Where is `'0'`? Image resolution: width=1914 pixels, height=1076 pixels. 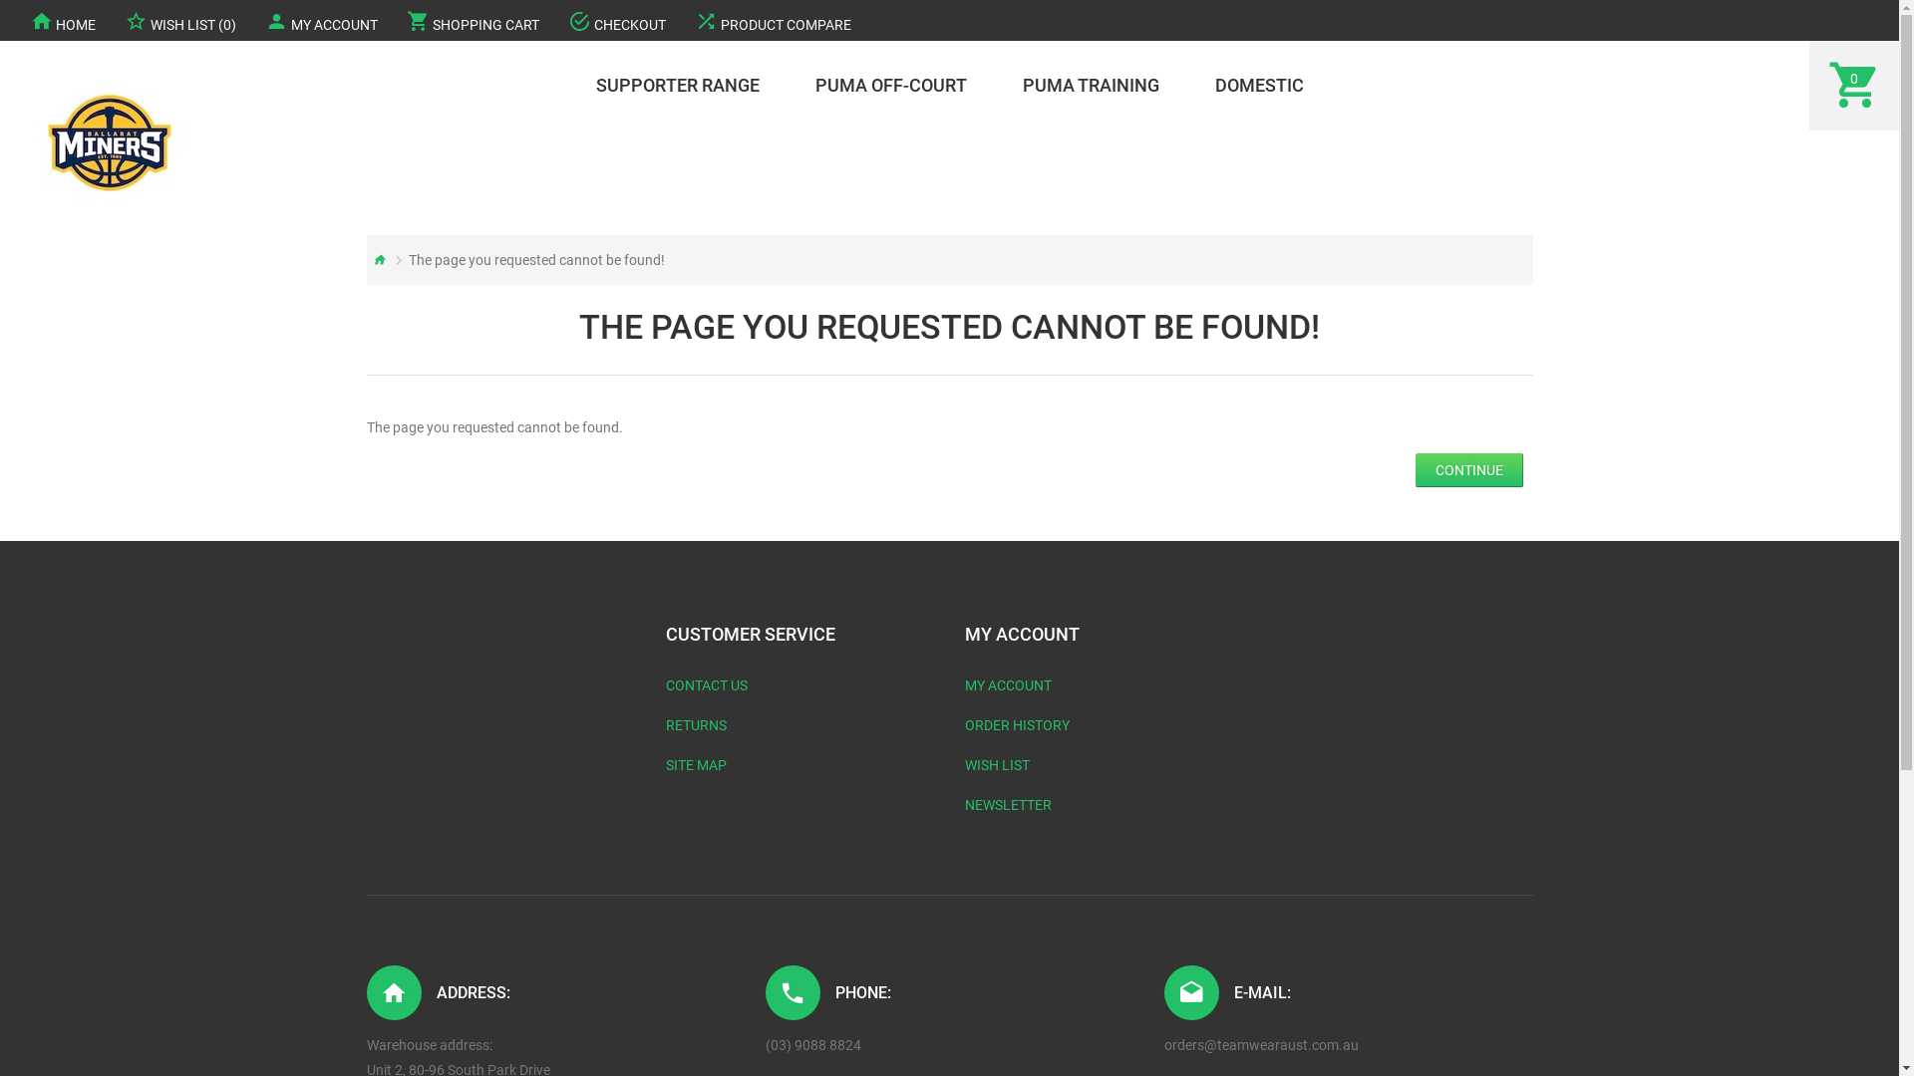 '0' is located at coordinates (1853, 84).